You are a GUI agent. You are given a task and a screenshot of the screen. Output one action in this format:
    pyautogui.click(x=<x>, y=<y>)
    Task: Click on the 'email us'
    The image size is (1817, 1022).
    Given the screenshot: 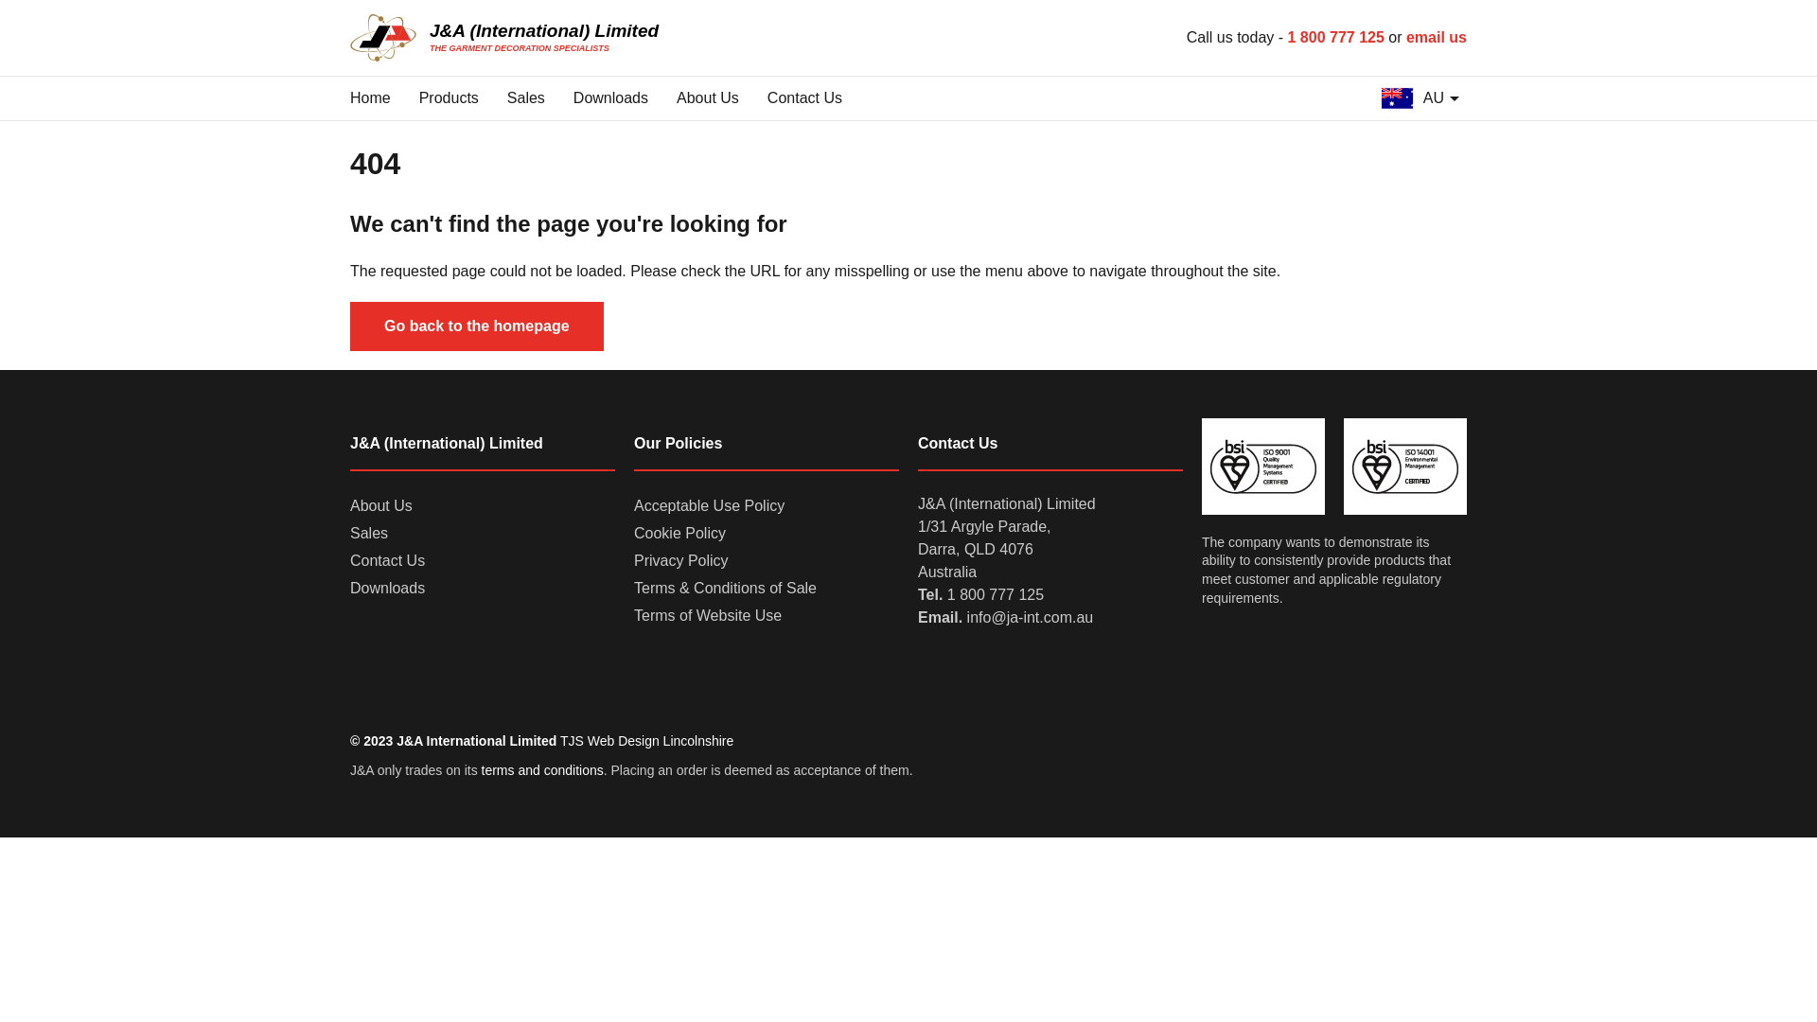 What is the action you would take?
    pyautogui.click(x=1436, y=37)
    